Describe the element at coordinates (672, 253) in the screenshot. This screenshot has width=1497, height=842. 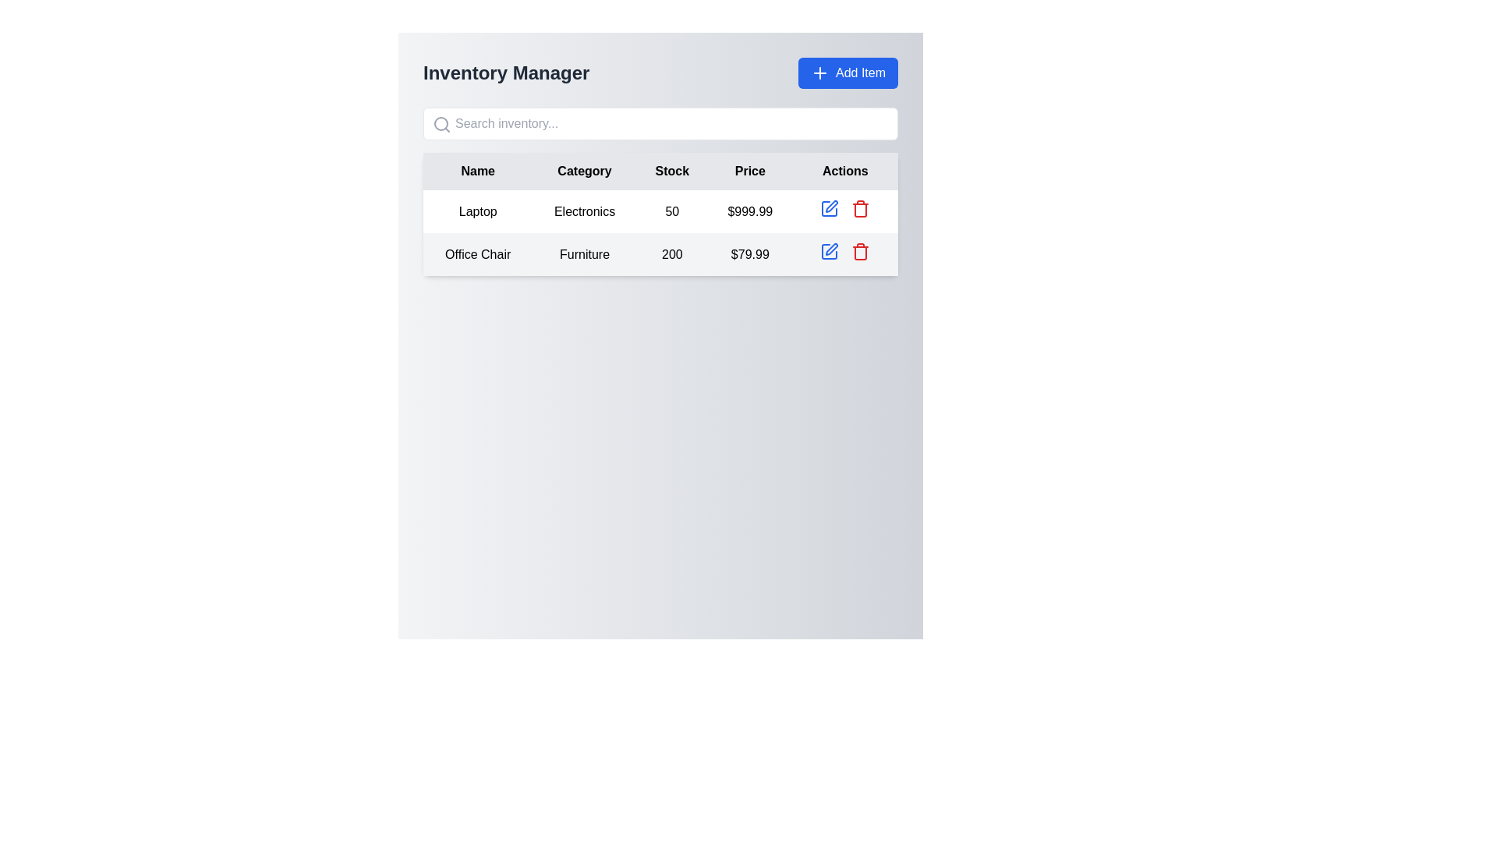
I see `the static table cell containing the text '200' in the 'Stock' column of the 'Office Chair' row, which is the third cell in the second row of the table` at that location.